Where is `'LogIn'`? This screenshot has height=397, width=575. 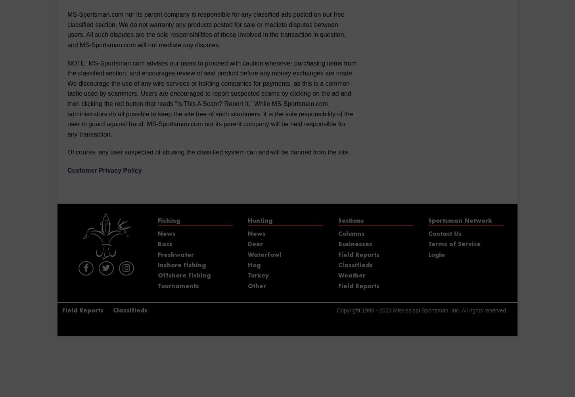 'LogIn' is located at coordinates (436, 255).